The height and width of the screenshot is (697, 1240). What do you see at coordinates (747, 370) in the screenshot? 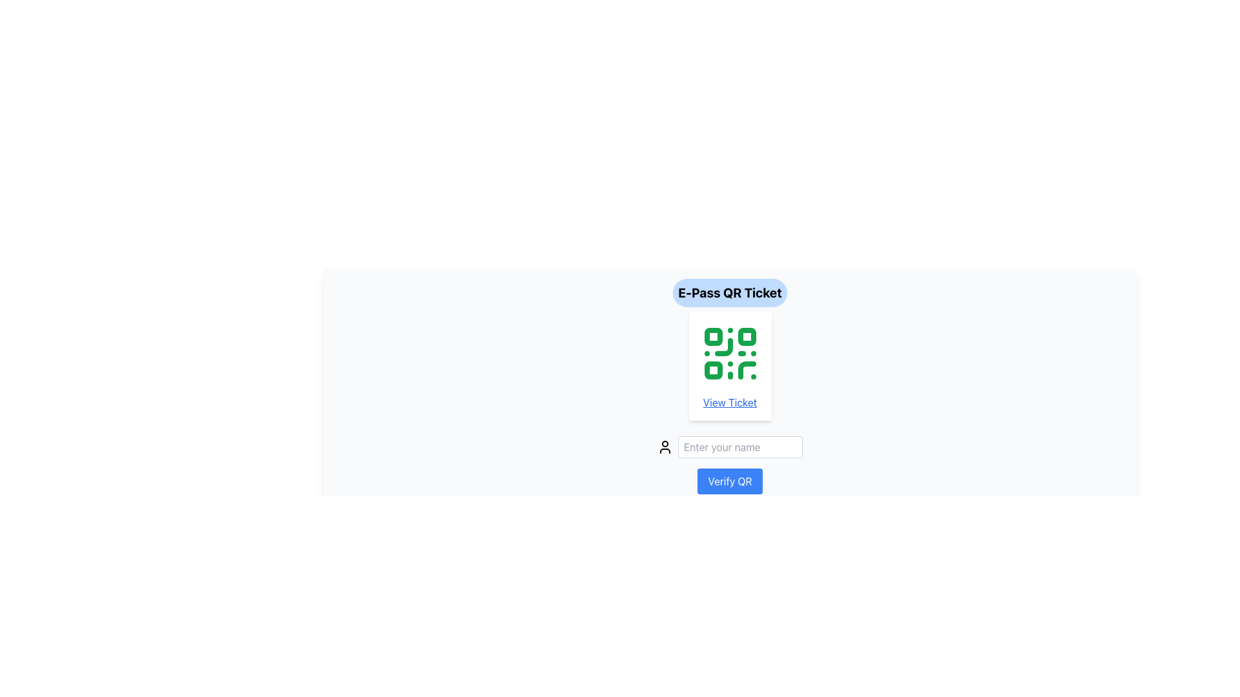
I see `the decorative line located at the bottom-right corner of the QR code icon's grid-like structure` at bounding box center [747, 370].